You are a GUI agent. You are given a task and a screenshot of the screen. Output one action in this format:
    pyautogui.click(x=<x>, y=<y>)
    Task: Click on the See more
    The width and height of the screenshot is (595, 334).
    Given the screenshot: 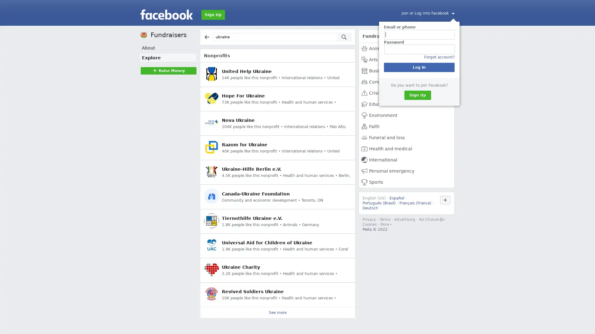 What is the action you would take?
    pyautogui.click(x=277, y=312)
    